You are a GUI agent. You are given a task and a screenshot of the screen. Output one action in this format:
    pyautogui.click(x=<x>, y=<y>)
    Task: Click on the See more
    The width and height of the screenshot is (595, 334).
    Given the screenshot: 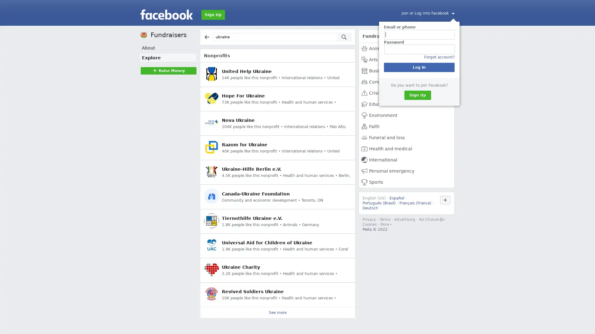 What is the action you would take?
    pyautogui.click(x=277, y=312)
    